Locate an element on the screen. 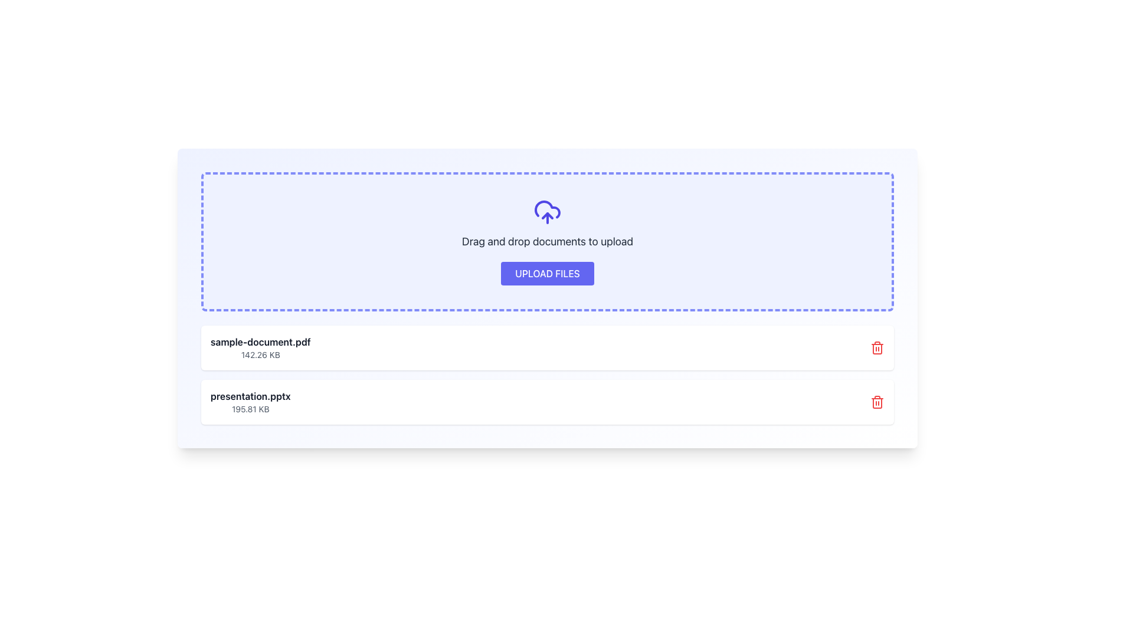 The image size is (1133, 637). the delete icon/button located at the far right of the entry row for the file 'presentation.pptx' to observe the hover effect is located at coordinates (877, 402).